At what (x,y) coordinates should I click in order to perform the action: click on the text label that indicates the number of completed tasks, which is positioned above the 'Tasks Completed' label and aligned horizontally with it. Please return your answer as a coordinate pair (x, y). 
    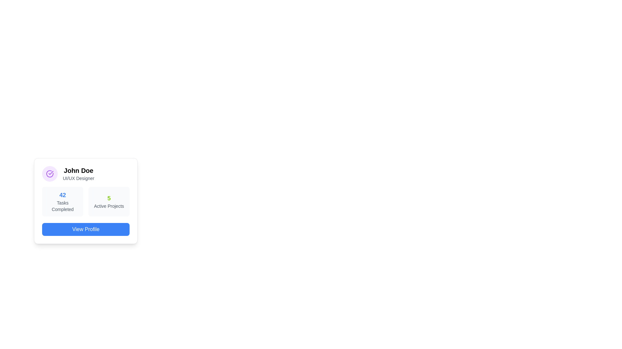
    Looking at the image, I should click on (63, 195).